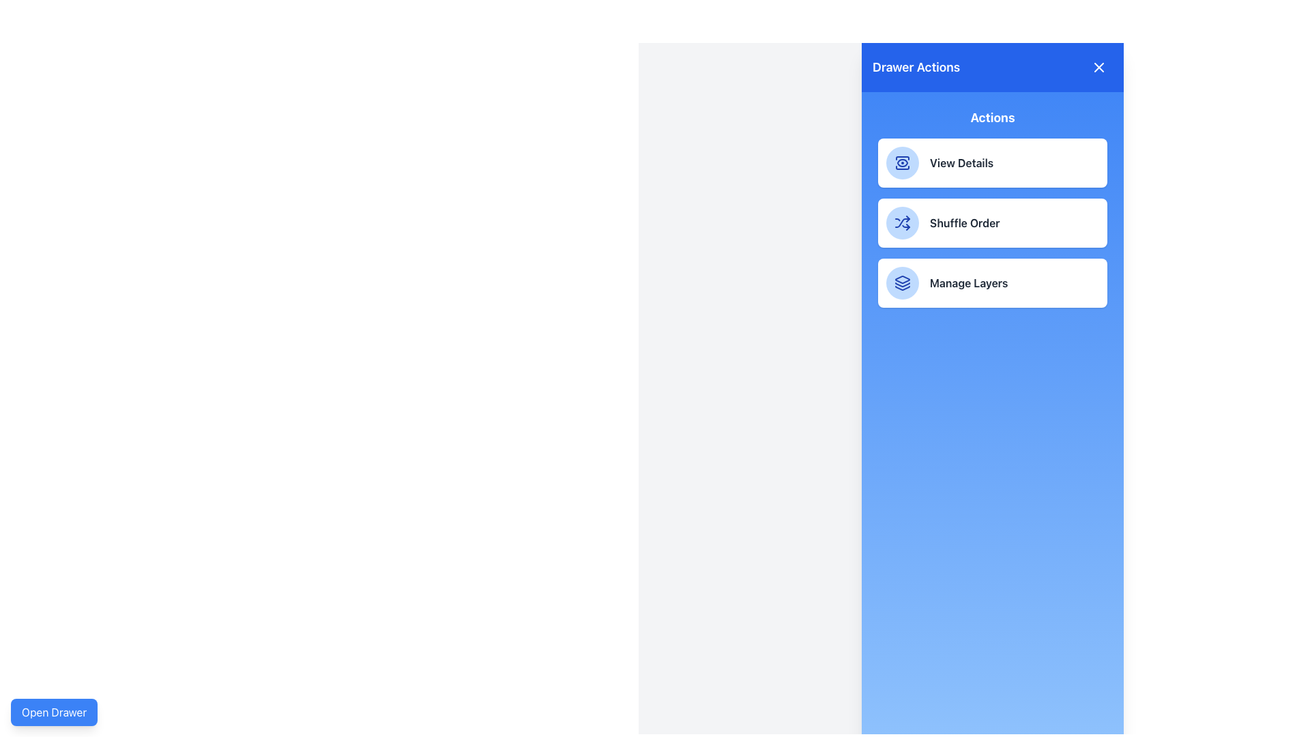 This screenshot has width=1310, height=737. I want to click on the icon-based button for 'Manage Layers' located to the left of the corresponding text, so click(903, 283).